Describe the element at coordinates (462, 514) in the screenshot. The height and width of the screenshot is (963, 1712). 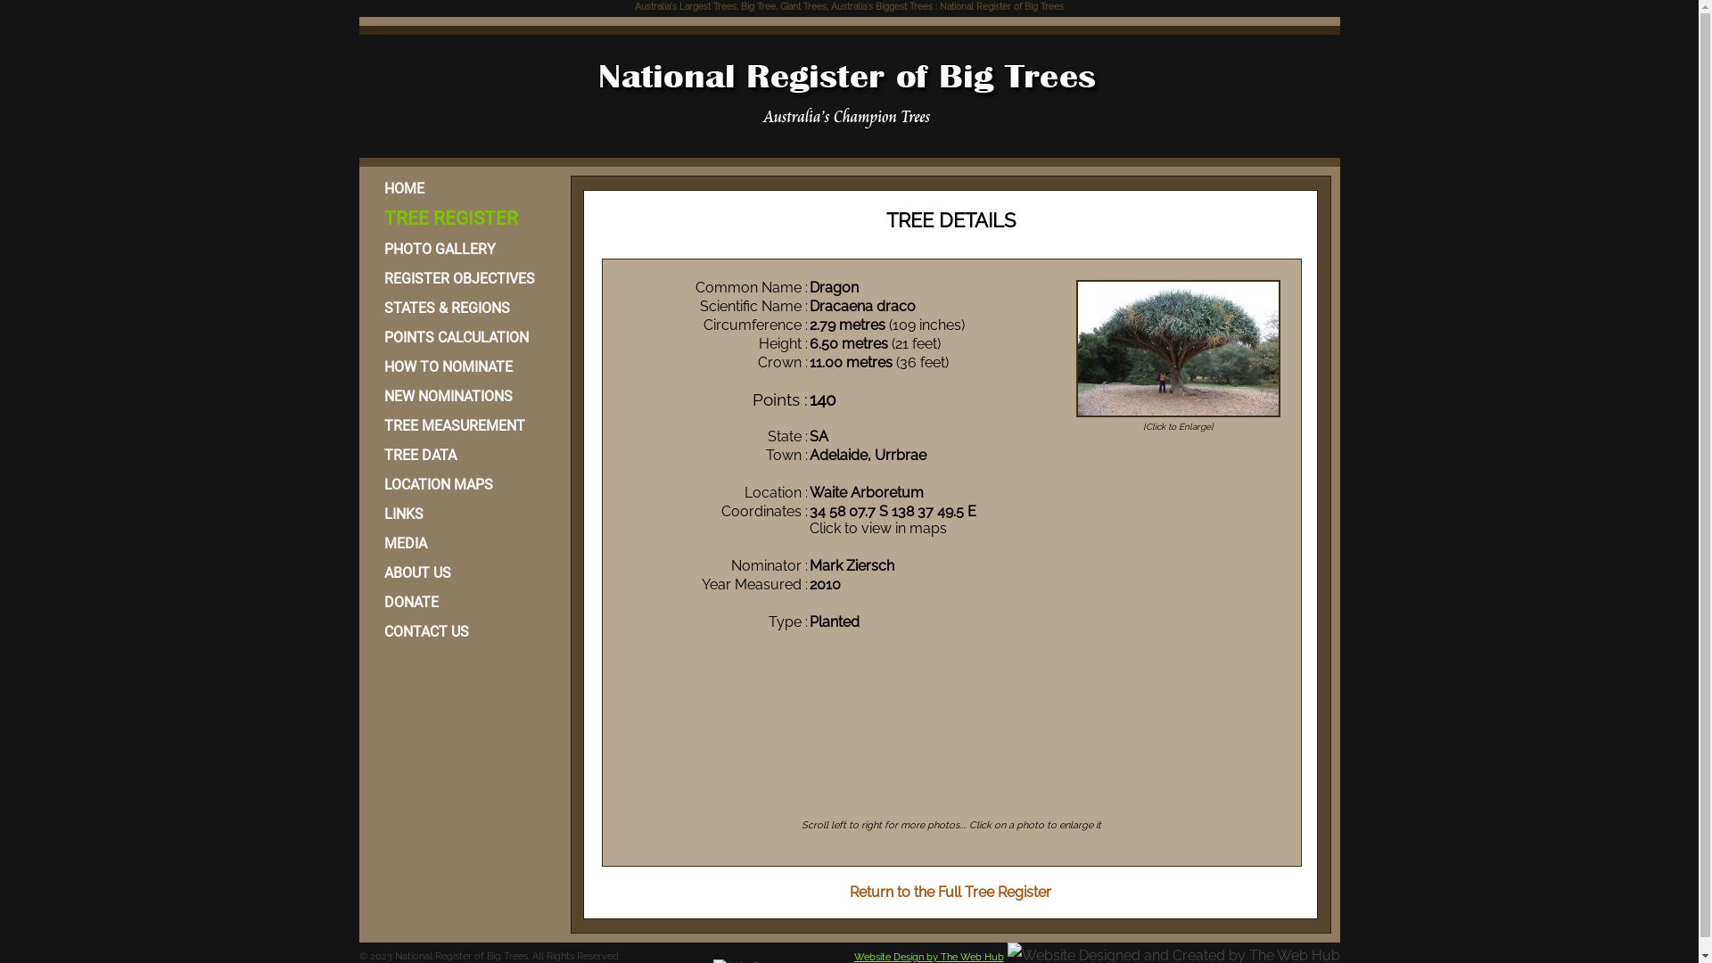
I see `'LINKS'` at that location.